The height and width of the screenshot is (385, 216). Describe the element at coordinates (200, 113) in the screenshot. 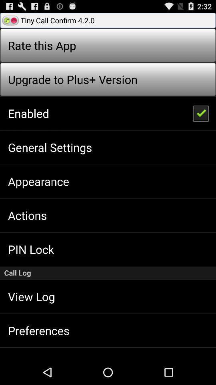

I see `icon next to enabled item` at that location.